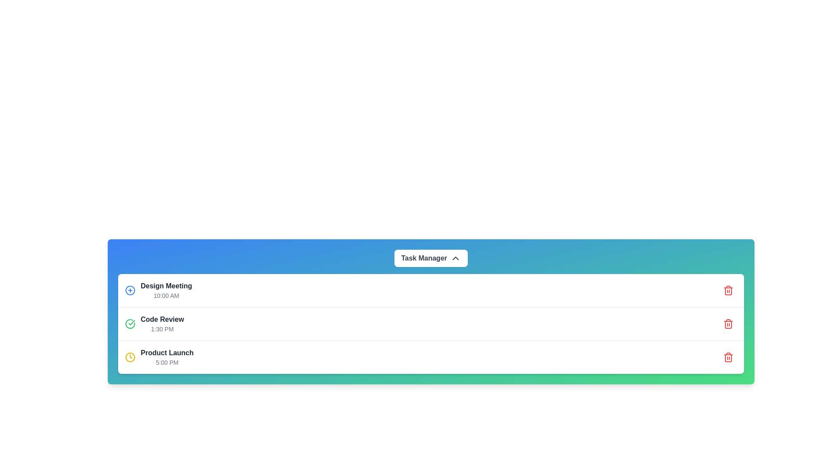  I want to click on the text label reading 'Design Meeting', which is styled with a bold font and dark gray color, positioned as the header of an event in a vertically-aligned list, so click(166, 286).